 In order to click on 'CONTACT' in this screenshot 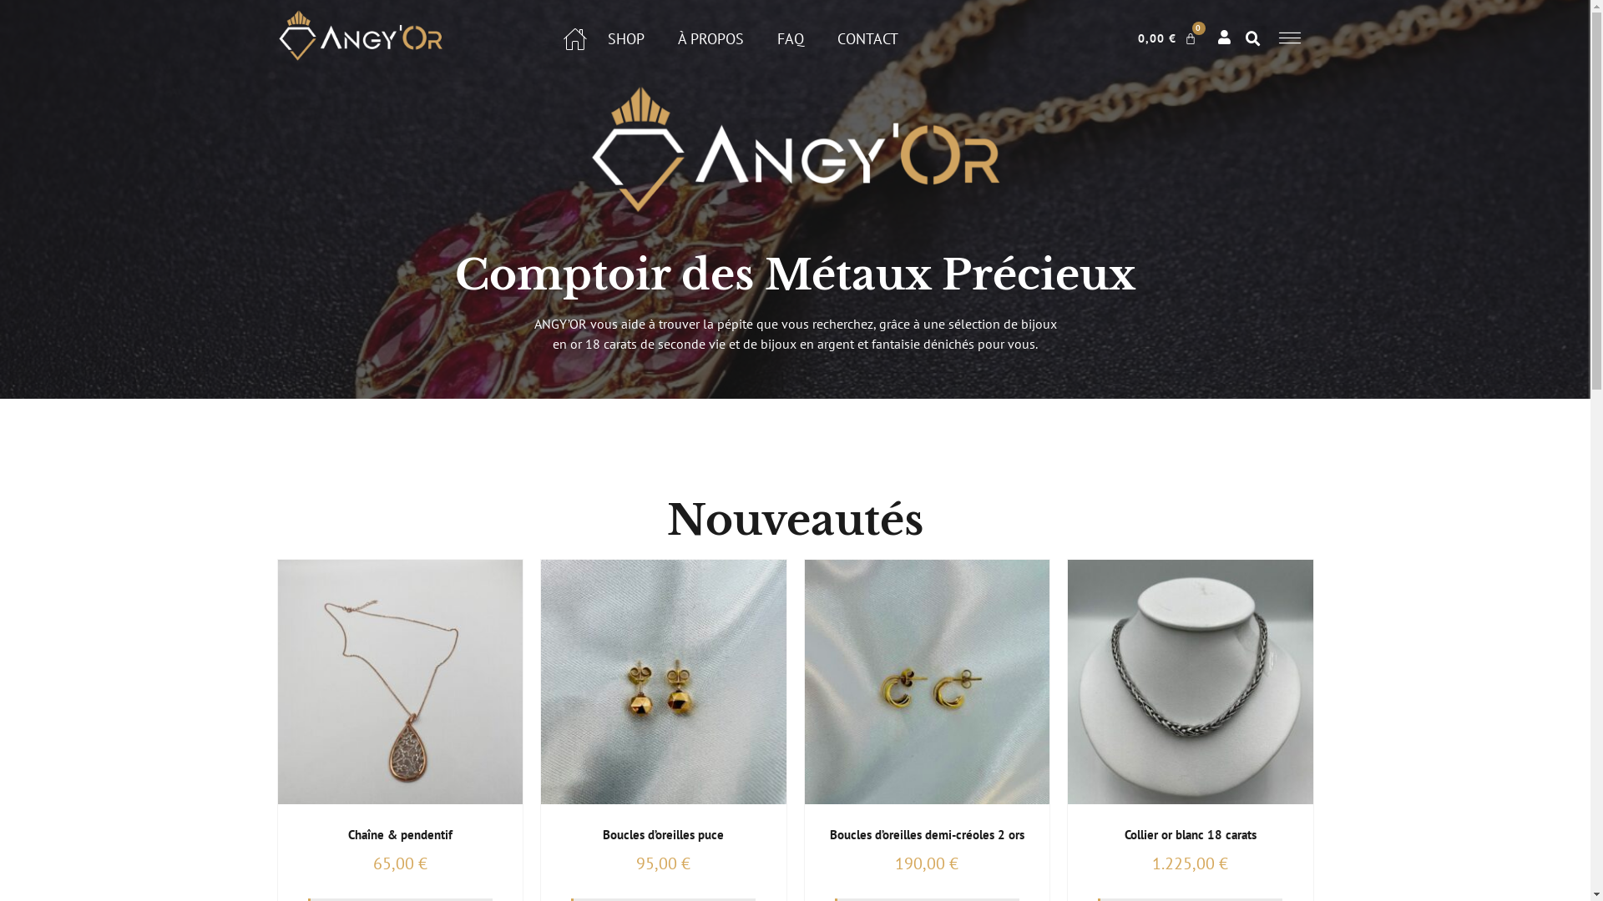, I will do `click(837, 38)`.